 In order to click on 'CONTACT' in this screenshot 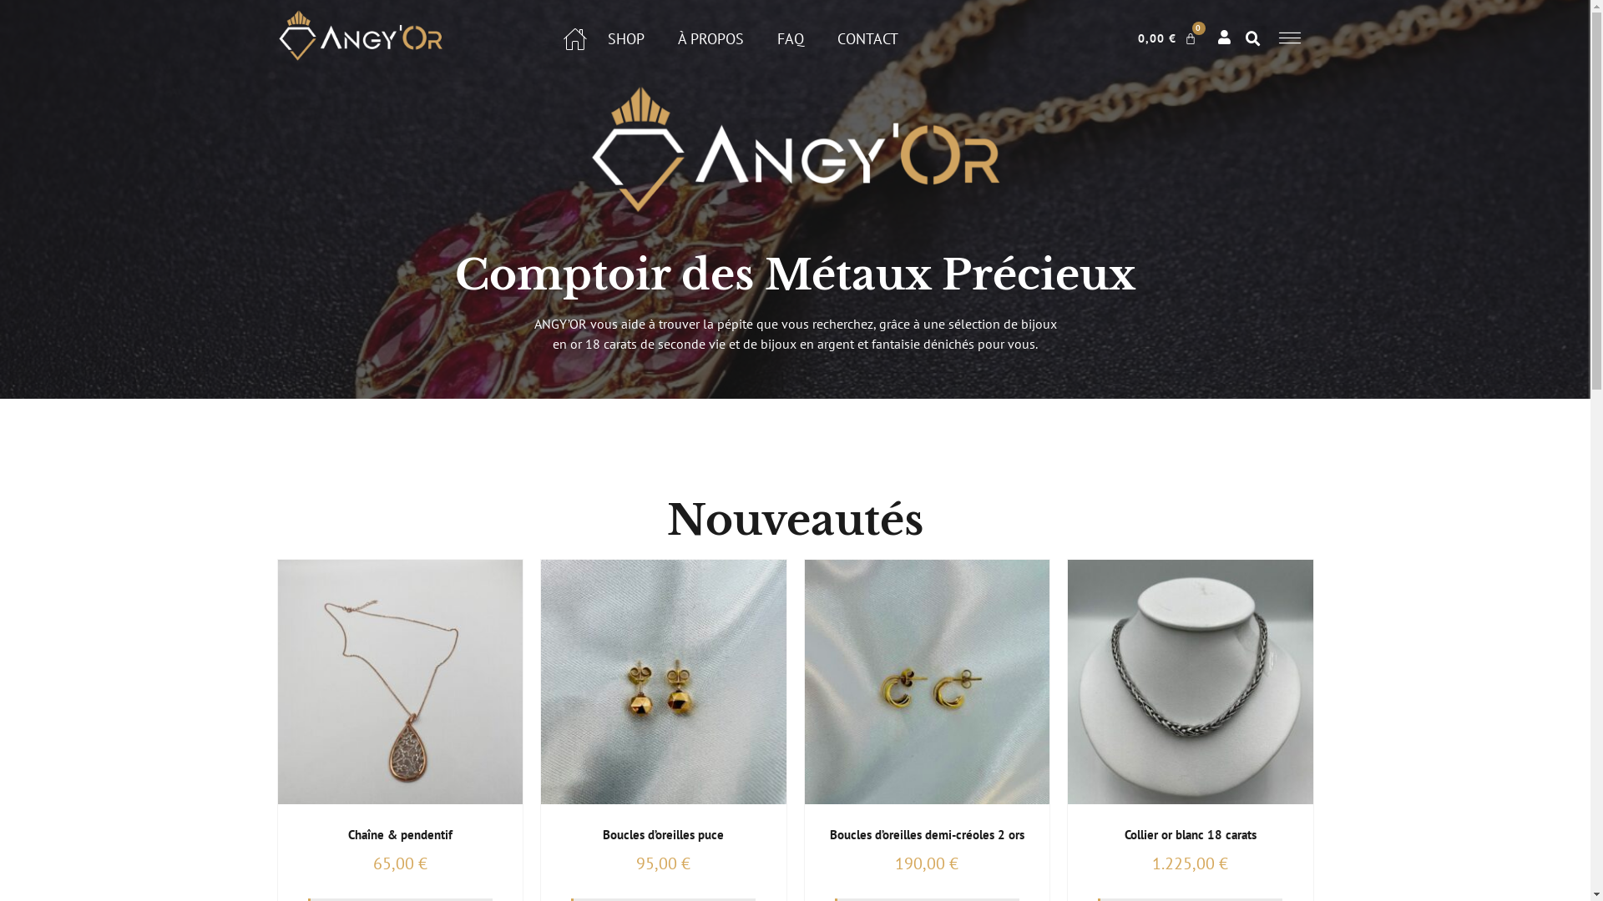, I will do `click(837, 38)`.